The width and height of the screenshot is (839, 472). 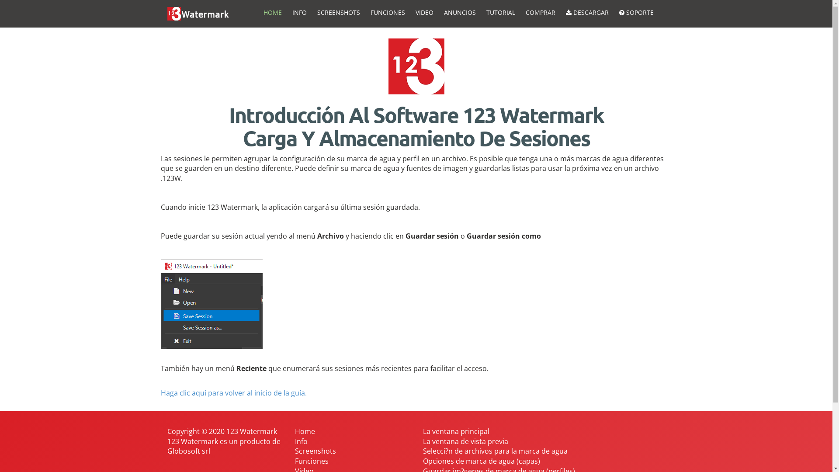 What do you see at coordinates (272, 12) in the screenshot?
I see `'HOME'` at bounding box center [272, 12].